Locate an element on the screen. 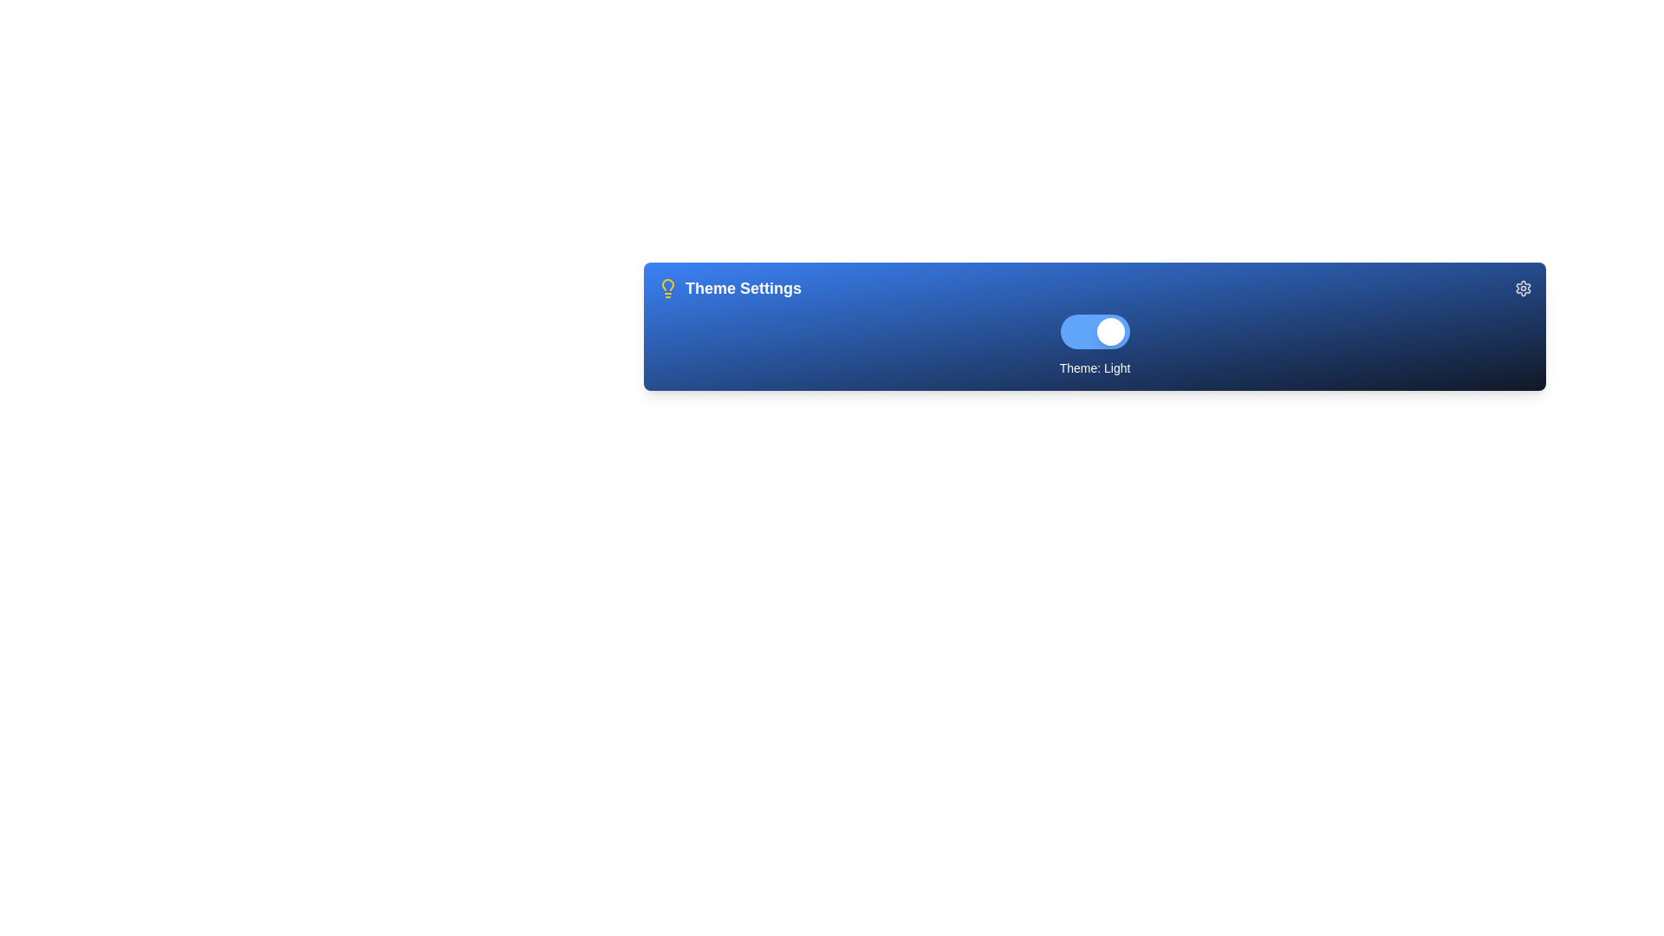  text label displaying 'Theme: Light', which is styled in white font and positioned below the toggle switch element is located at coordinates (1094, 367).